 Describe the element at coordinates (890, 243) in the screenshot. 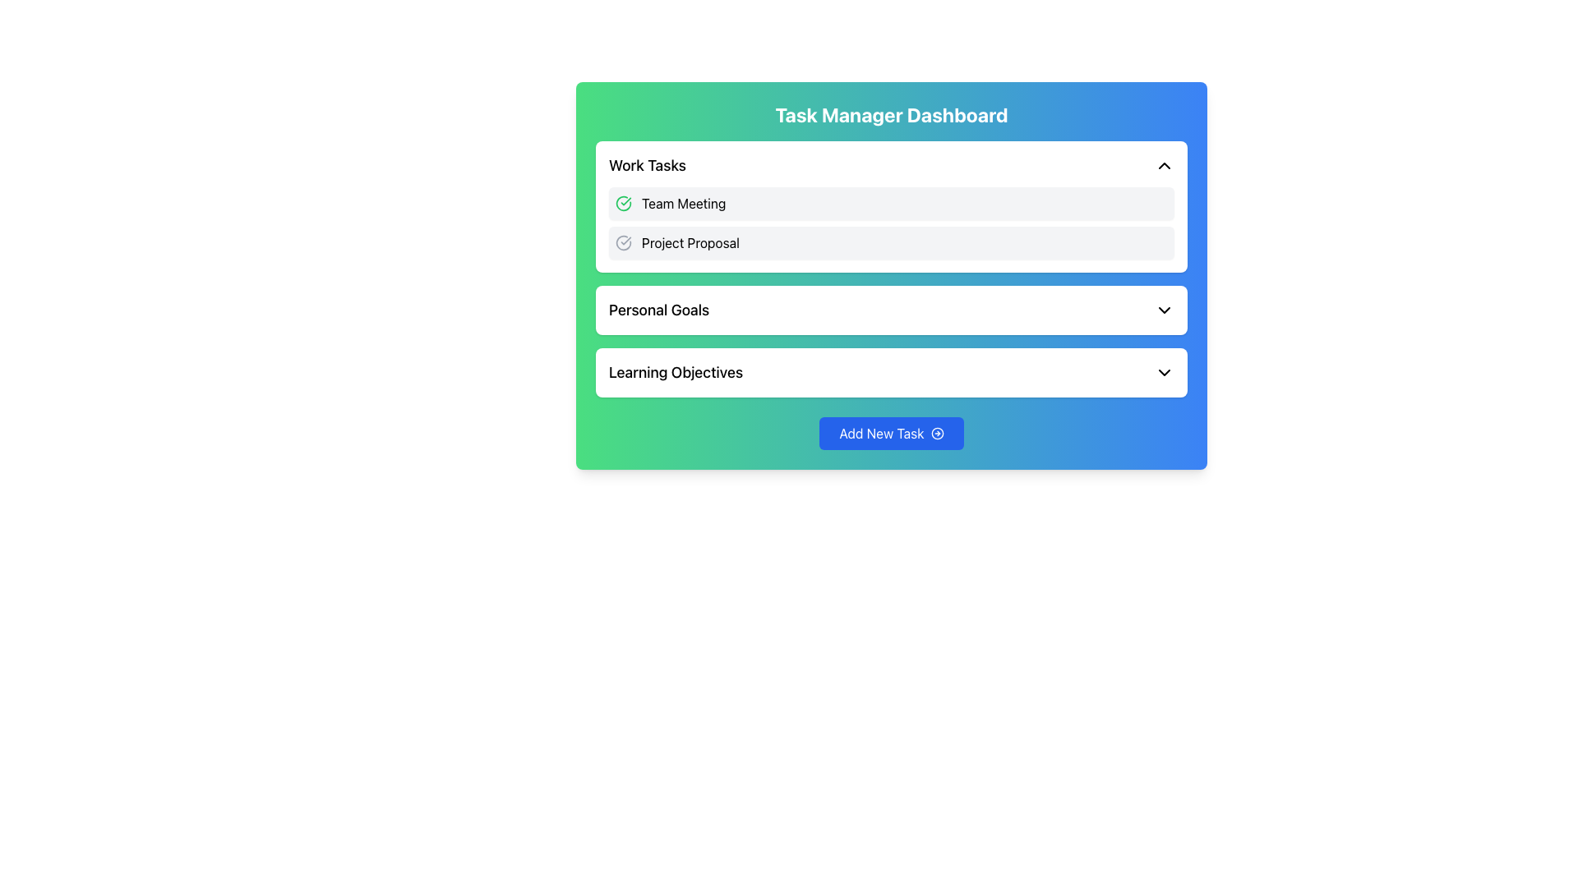

I see `the 'Project Proposal' task entry in the 'Work Tasks' section, which is the second item below 'Team Meeting'` at that location.